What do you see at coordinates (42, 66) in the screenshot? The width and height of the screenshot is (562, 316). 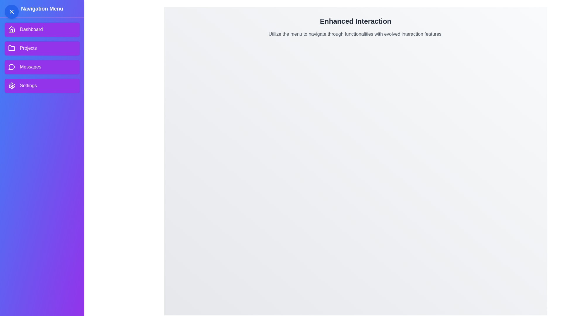 I see `the Messages menu item in the navigation drawer` at bounding box center [42, 66].